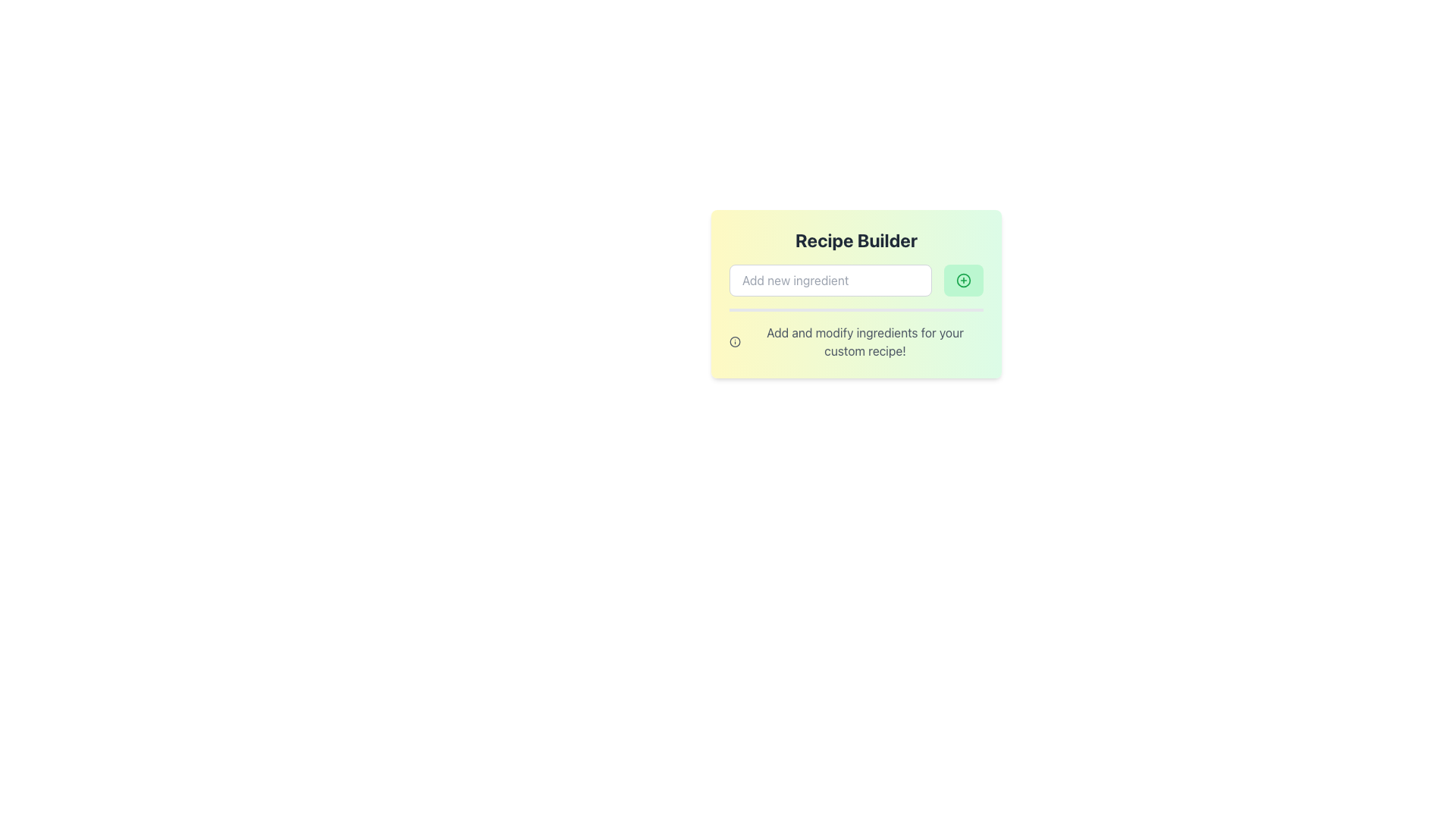 The width and height of the screenshot is (1456, 819). I want to click on informational text 'Add and modify ingredients for your custom recipe!' located in the section beneath the 'Recipe Builder' header and the ingredient input field, so click(856, 342).